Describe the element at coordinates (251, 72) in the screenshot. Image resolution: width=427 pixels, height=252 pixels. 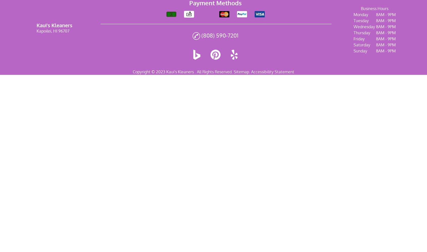
I see `'Accessibility Statement'` at that location.